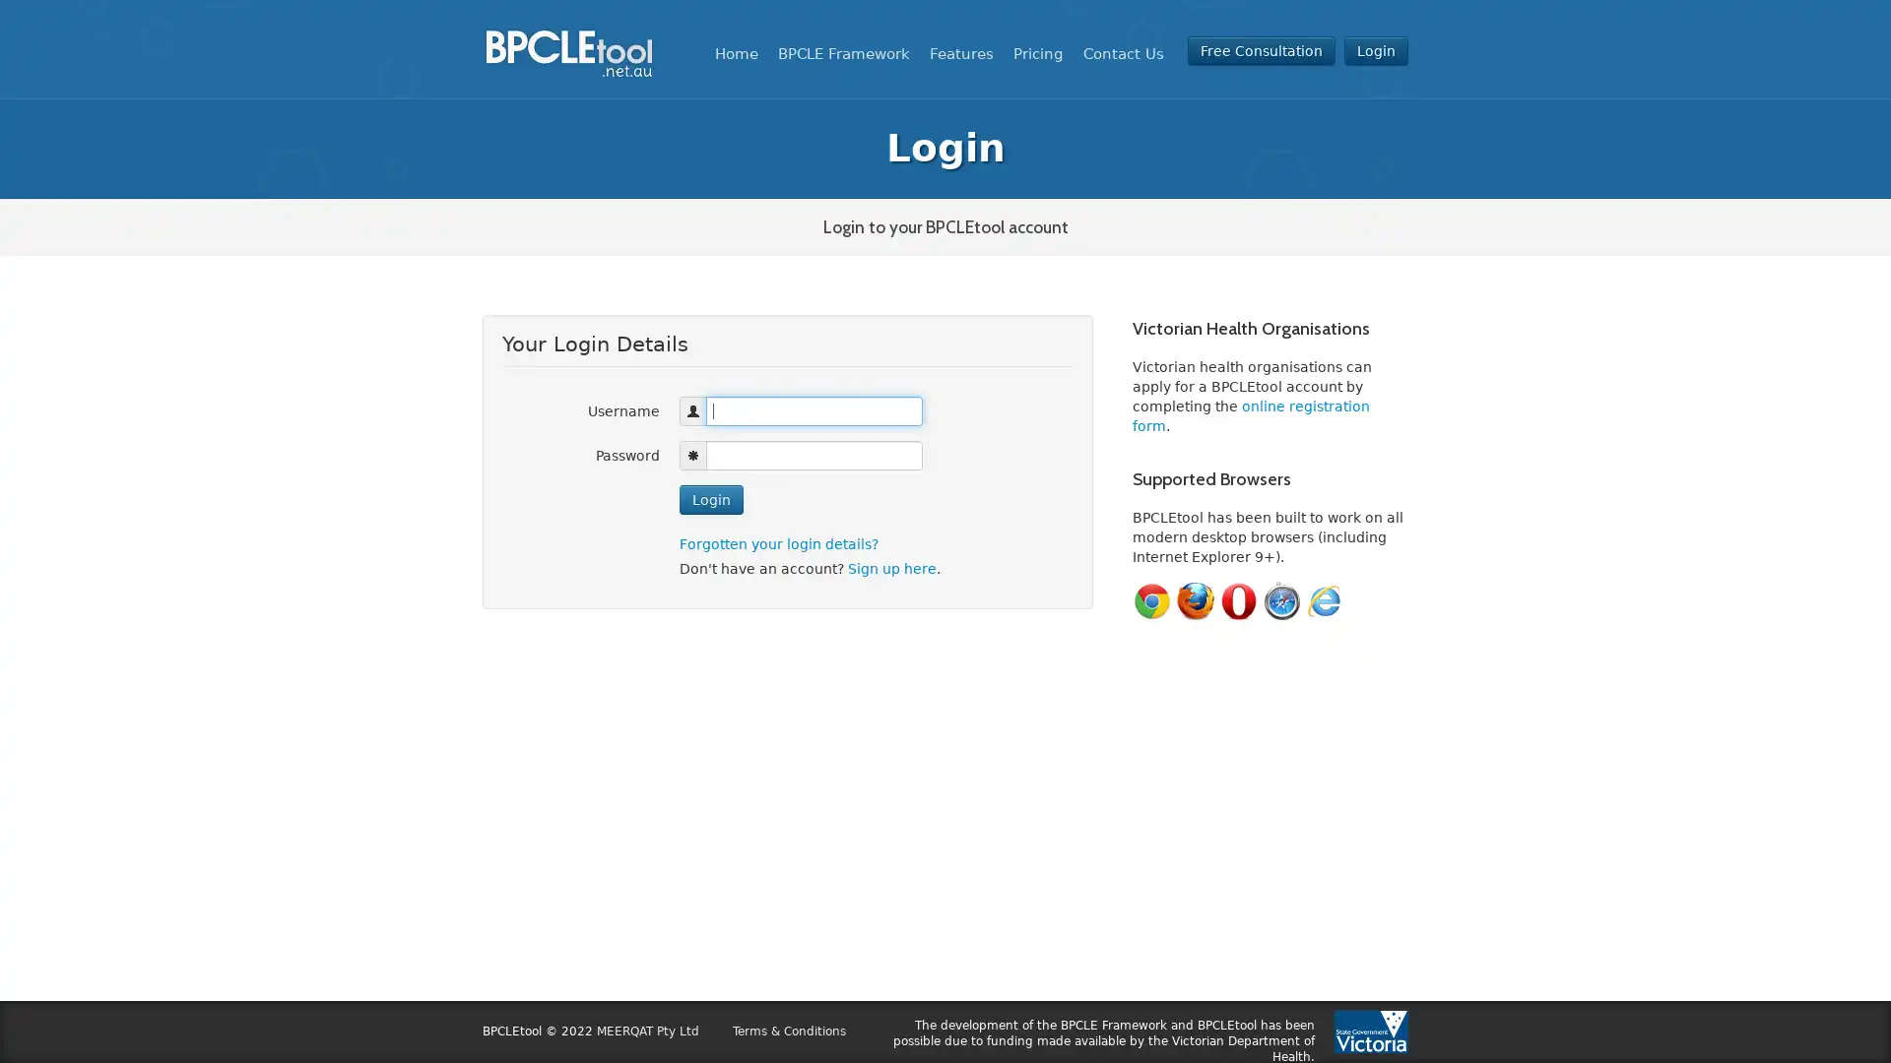 The width and height of the screenshot is (1891, 1063). What do you see at coordinates (710, 499) in the screenshot?
I see `Login` at bounding box center [710, 499].